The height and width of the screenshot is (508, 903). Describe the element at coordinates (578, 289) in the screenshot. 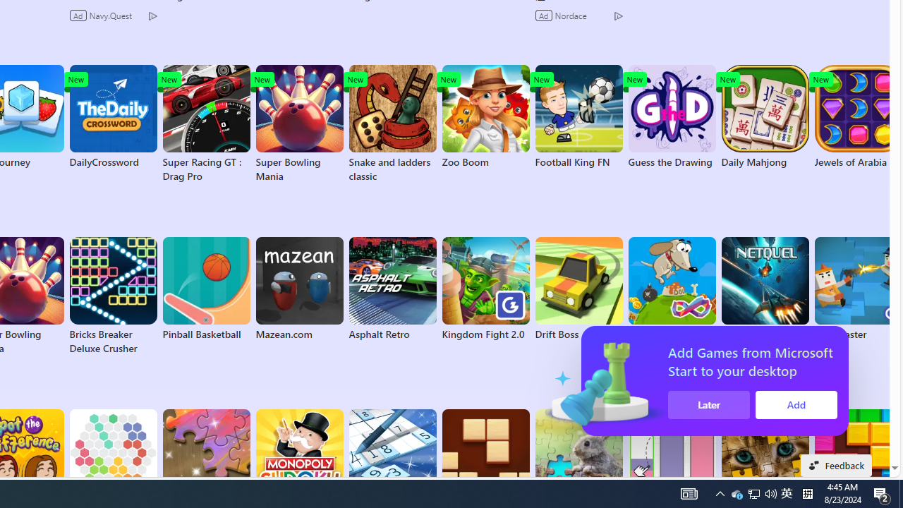

I see `'Drift Boss'` at that location.